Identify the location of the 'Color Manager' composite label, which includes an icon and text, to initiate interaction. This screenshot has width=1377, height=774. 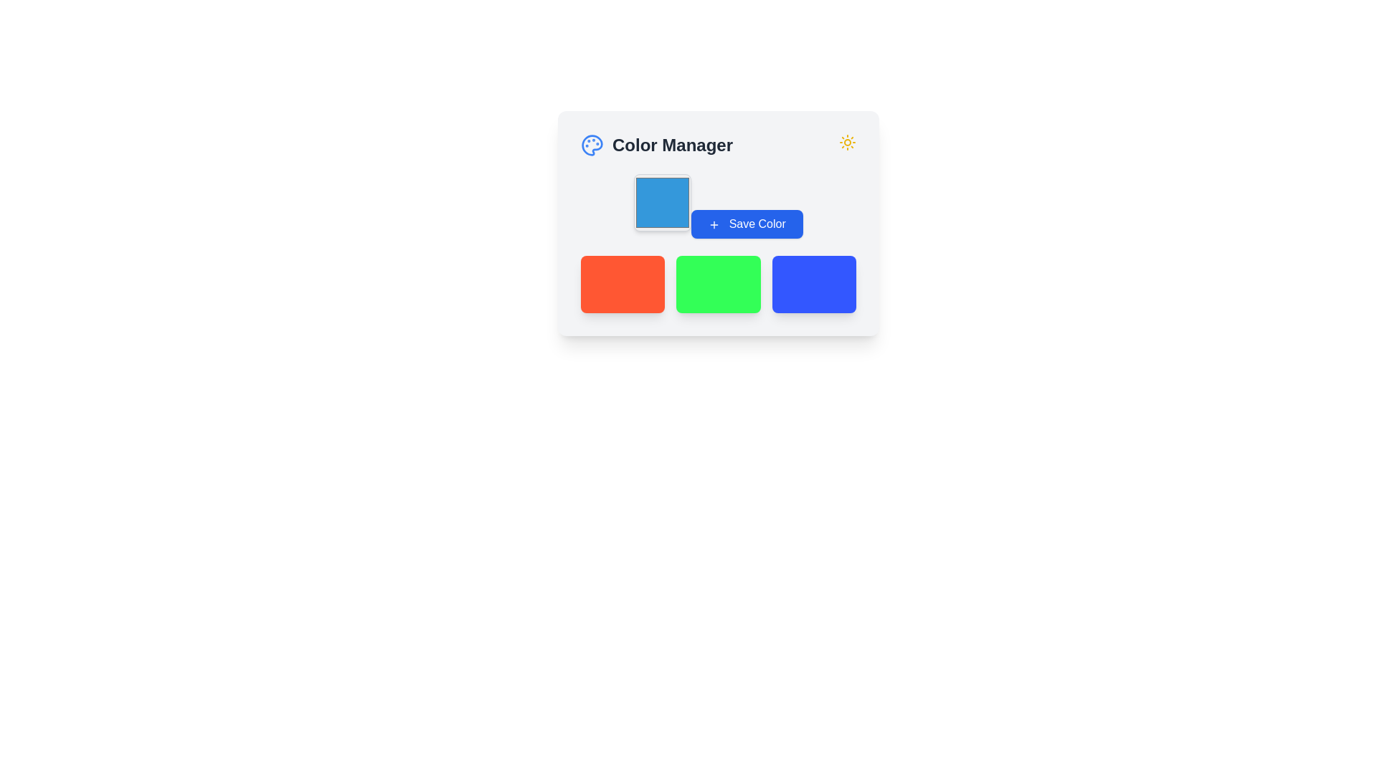
(656, 145).